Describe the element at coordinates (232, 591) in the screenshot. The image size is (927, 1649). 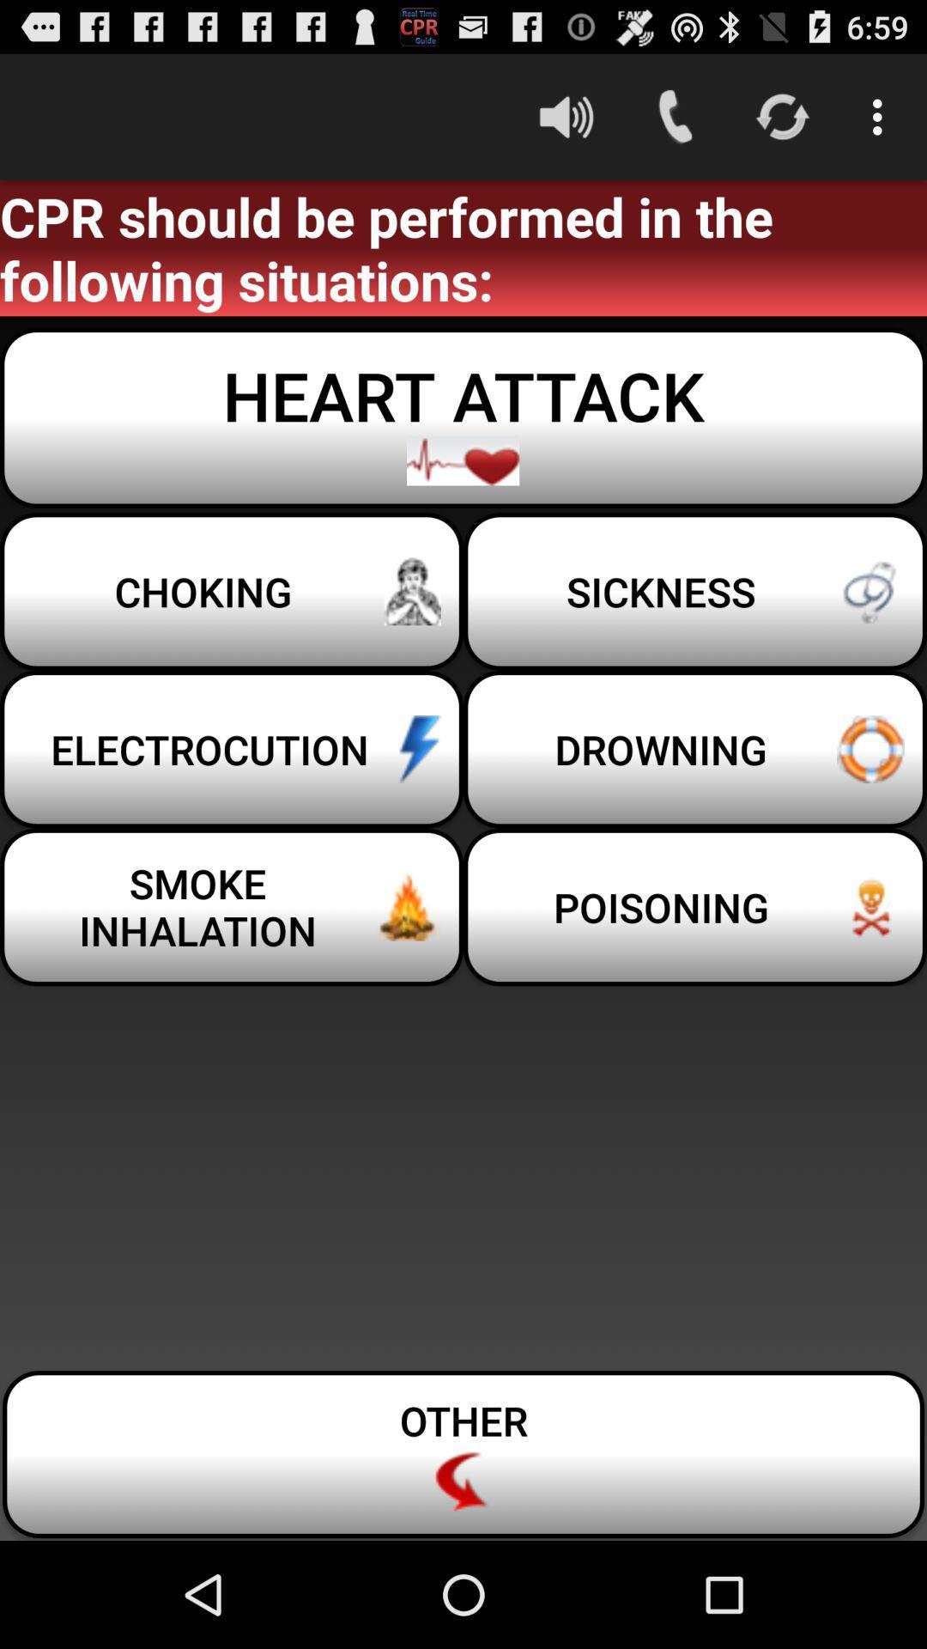
I see `icon to the left of the sickness button` at that location.